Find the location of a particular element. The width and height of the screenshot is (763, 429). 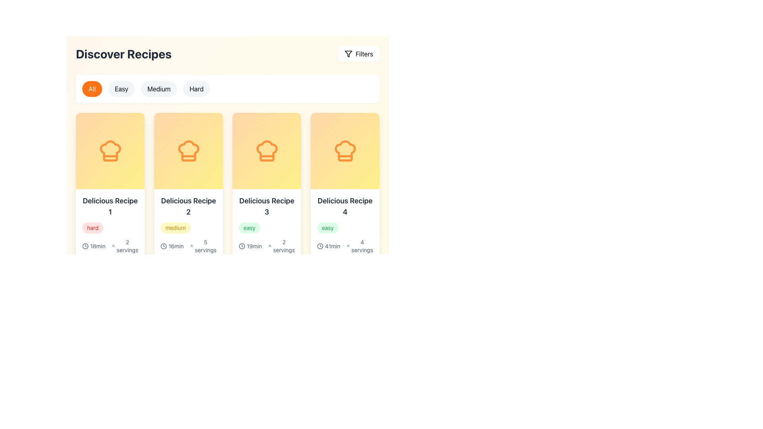

the serving size icon located to the left of the text '4 servings' in the recipe card for 'Delicious Recipe 4' is located at coordinates (348, 246).